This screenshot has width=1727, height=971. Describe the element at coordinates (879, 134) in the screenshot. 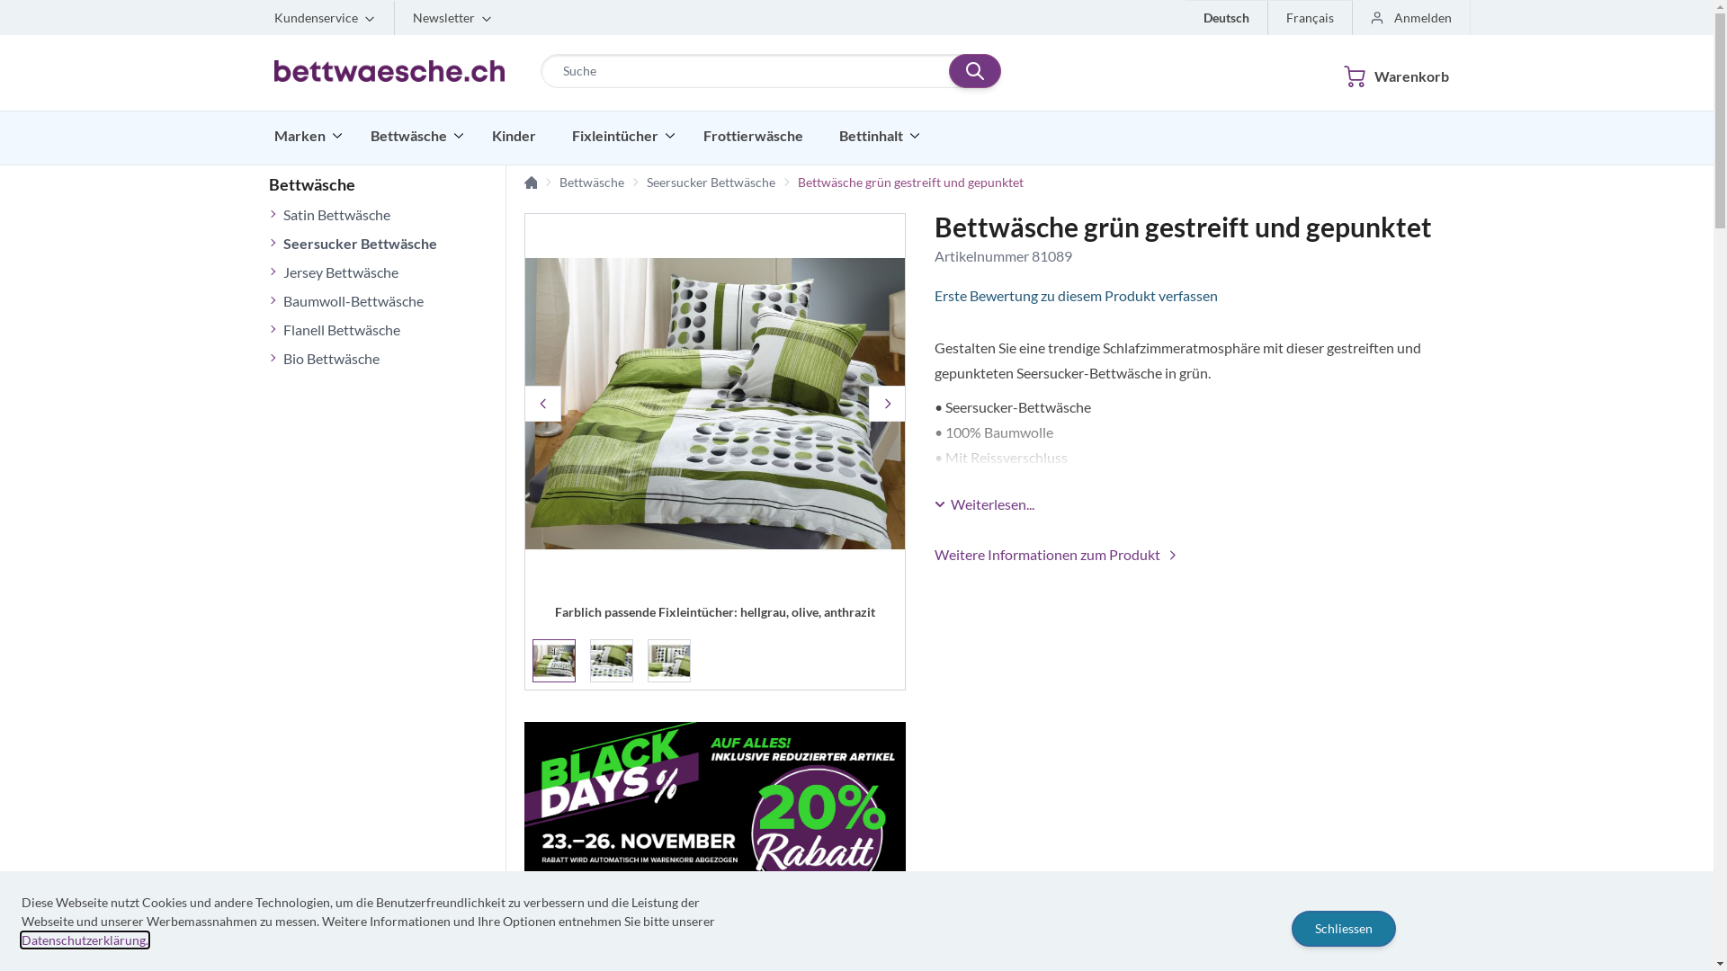

I see `'Bettinhalt'` at that location.